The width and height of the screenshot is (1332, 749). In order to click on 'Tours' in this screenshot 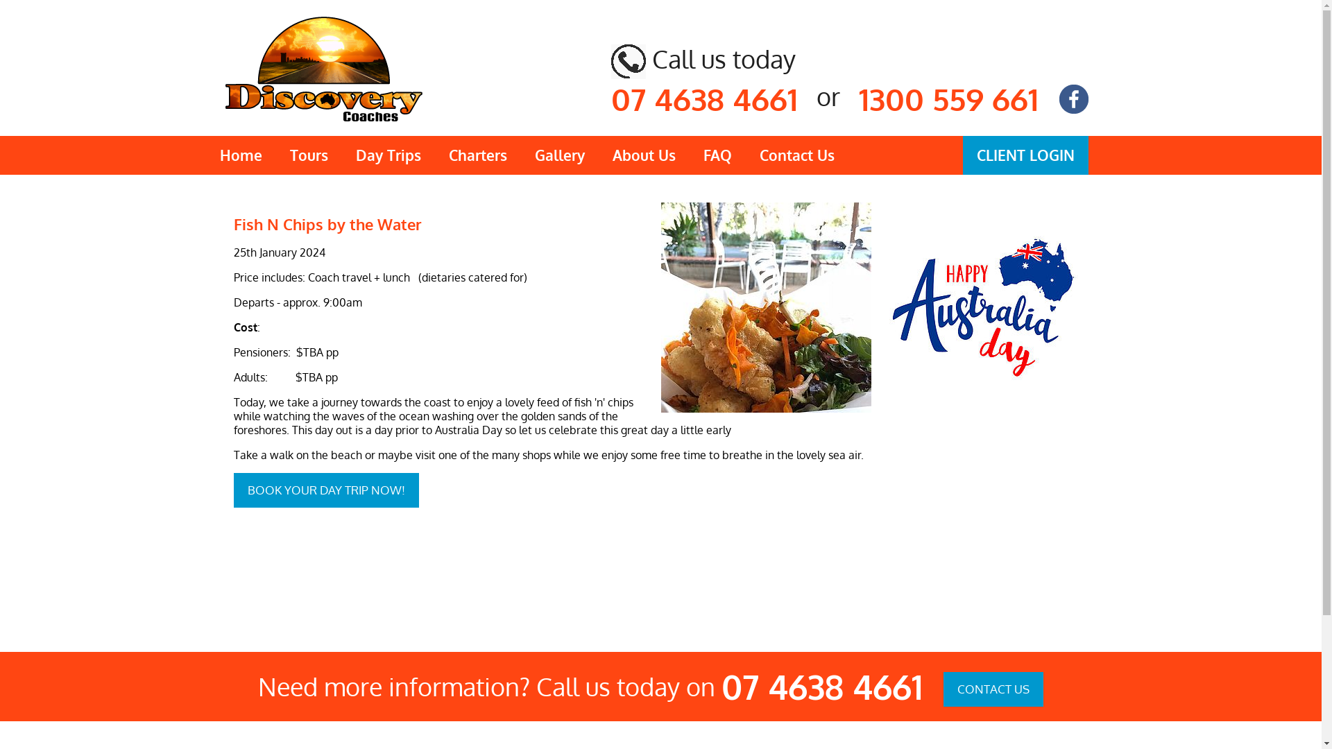, I will do `click(308, 155)`.